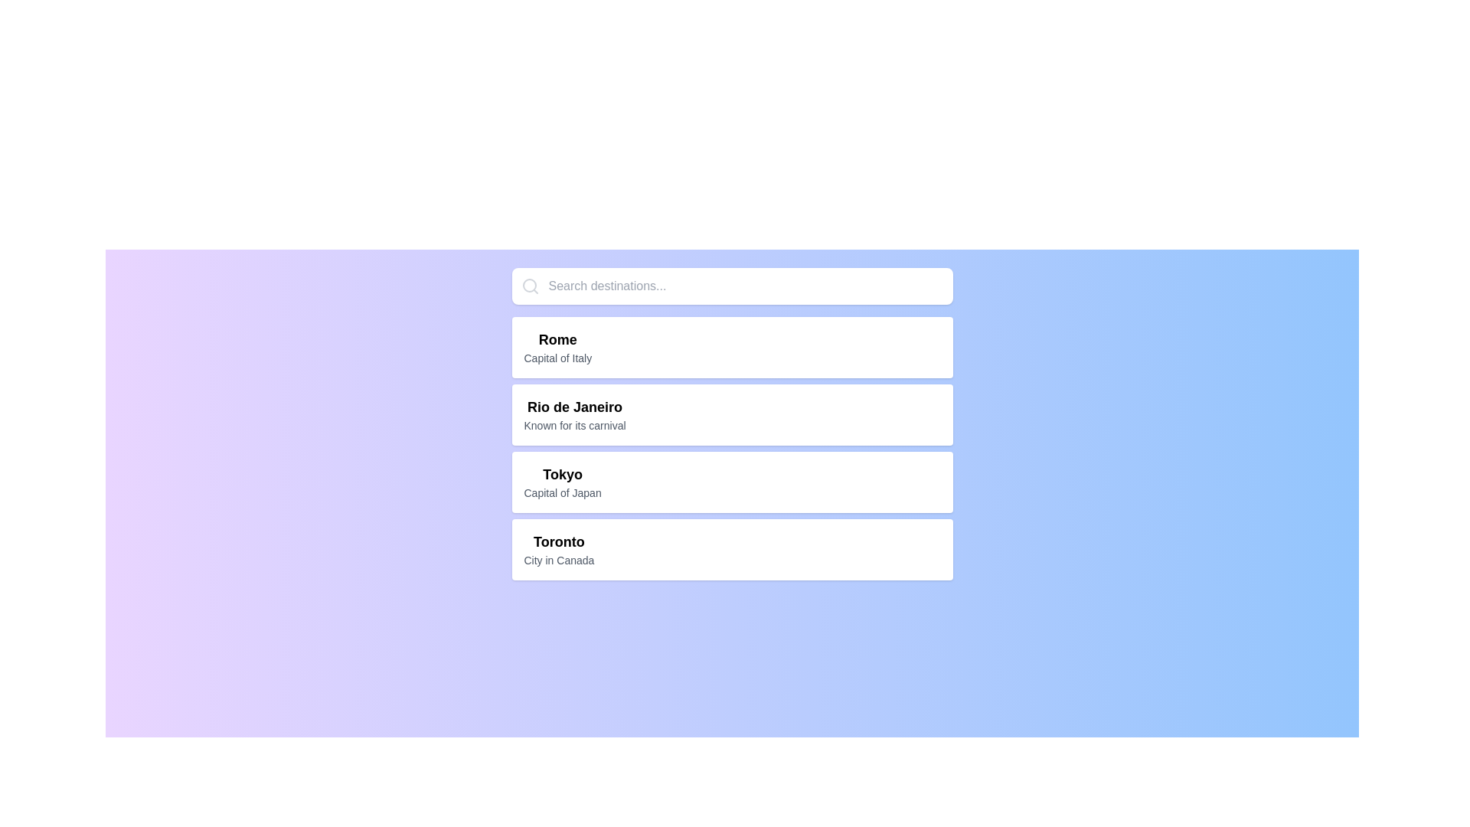  Describe the element at coordinates (574, 407) in the screenshot. I see `the text label identifying the city as 'Rio de Janeiro', which is located at the top of the second rectangular card in the interface` at that location.